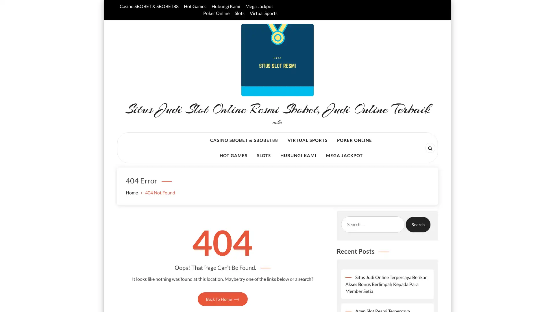  I want to click on Search, so click(418, 224).